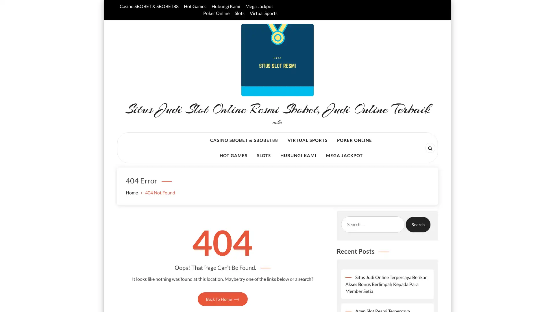  I want to click on Search, so click(418, 224).